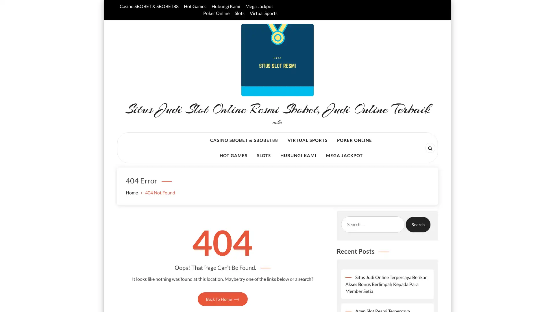  I want to click on Search, so click(418, 224).